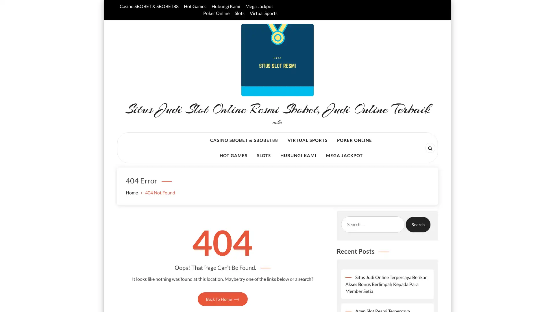  I want to click on Search, so click(418, 224).